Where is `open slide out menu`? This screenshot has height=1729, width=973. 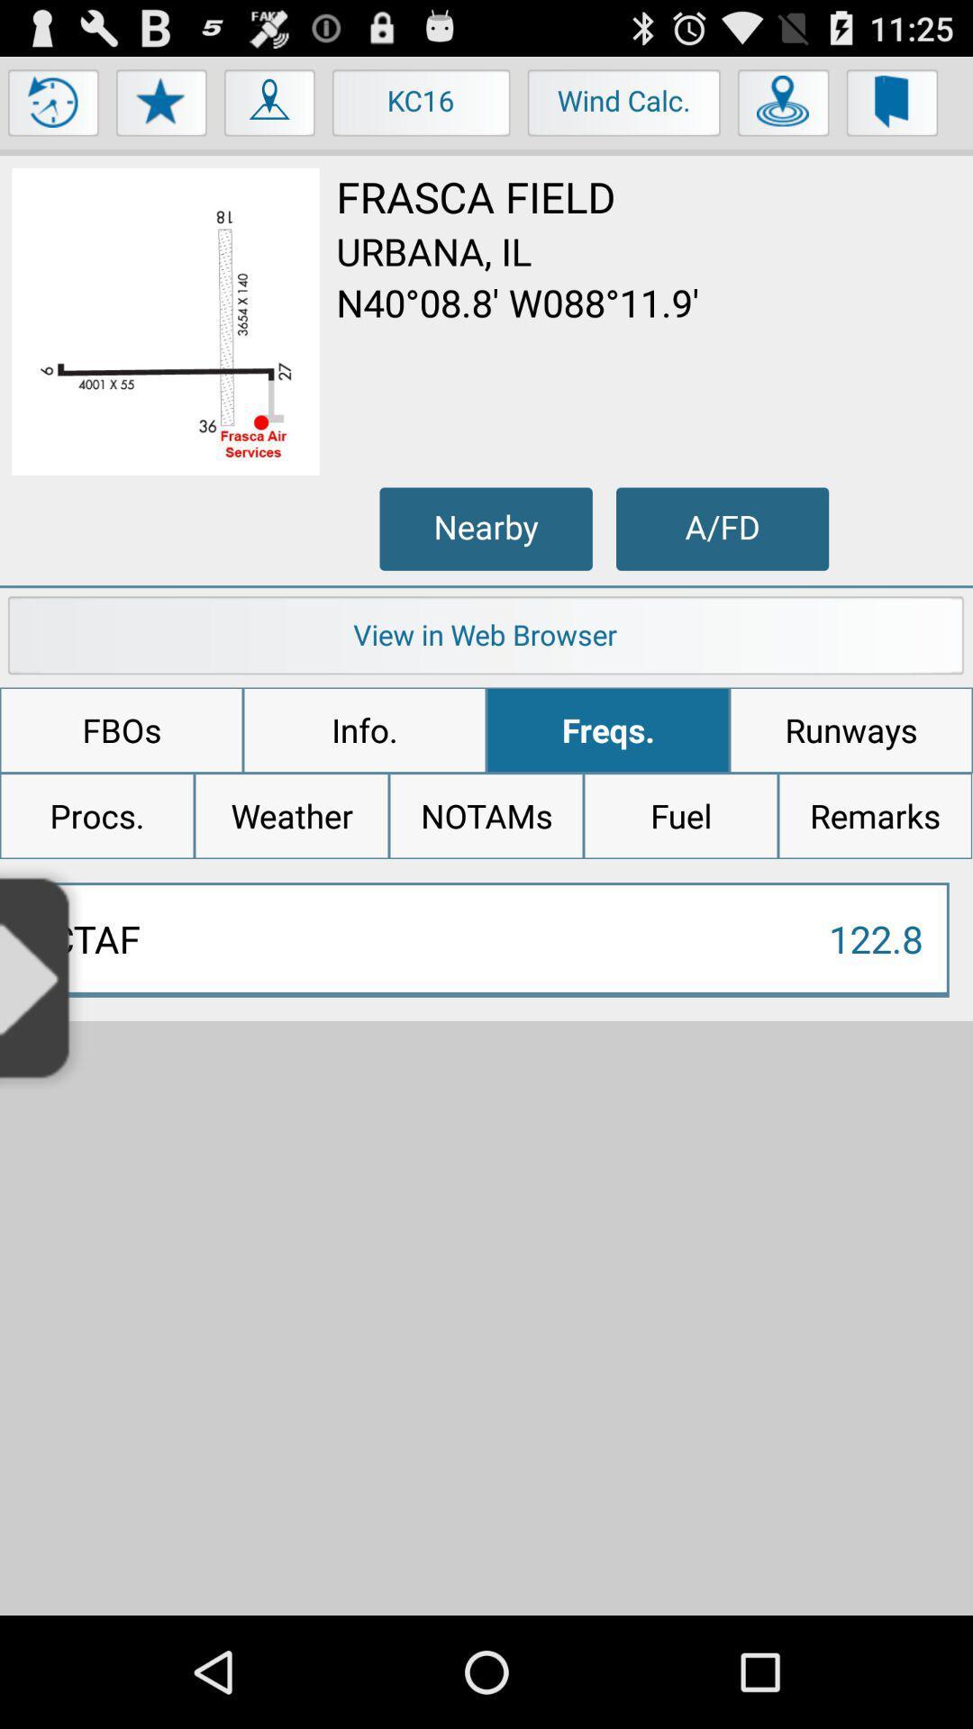
open slide out menu is located at coordinates (42, 975).